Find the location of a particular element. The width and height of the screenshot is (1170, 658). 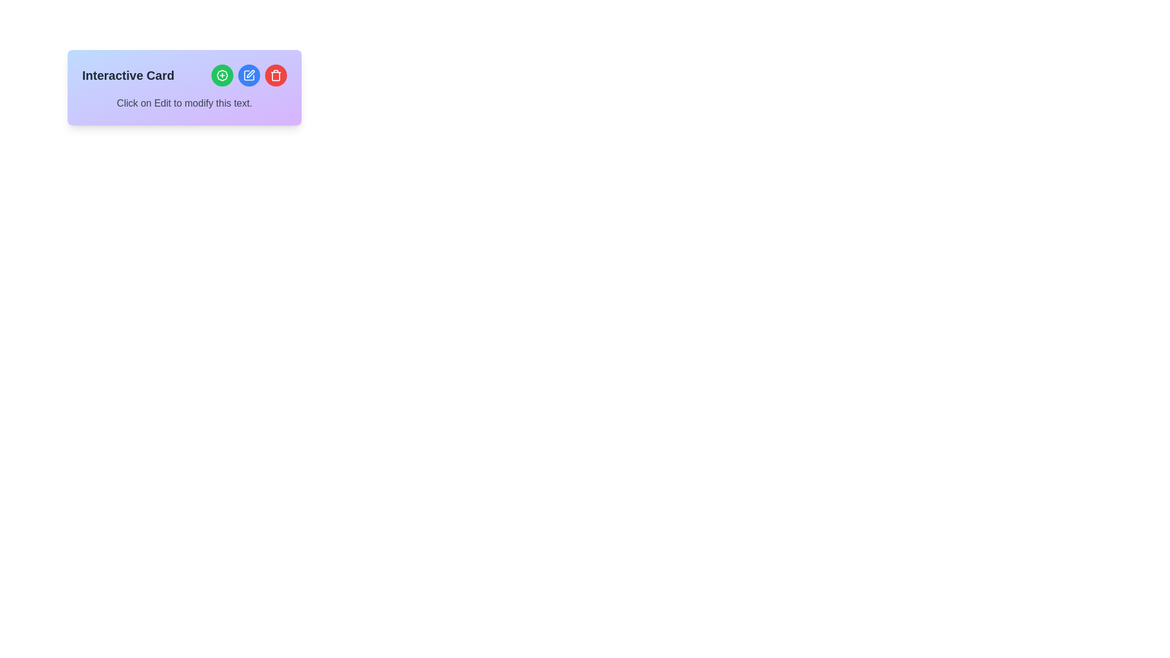

the 'Add' or 'Group' button with icon located at the top-right corner of the 'Interactive Card' is located at coordinates (222, 75).